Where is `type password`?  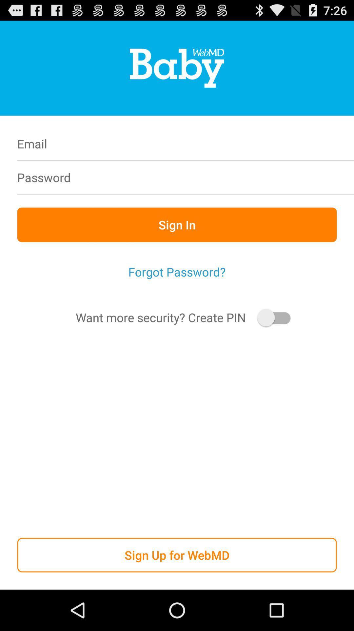
type password is located at coordinates (219, 177).